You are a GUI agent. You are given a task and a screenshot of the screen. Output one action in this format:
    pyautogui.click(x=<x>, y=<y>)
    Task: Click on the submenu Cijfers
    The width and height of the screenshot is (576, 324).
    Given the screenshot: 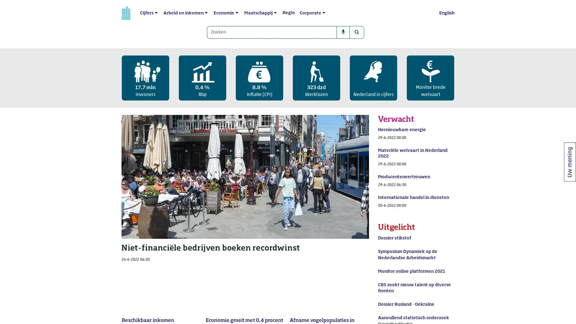 What is the action you would take?
    pyautogui.click(x=156, y=13)
    